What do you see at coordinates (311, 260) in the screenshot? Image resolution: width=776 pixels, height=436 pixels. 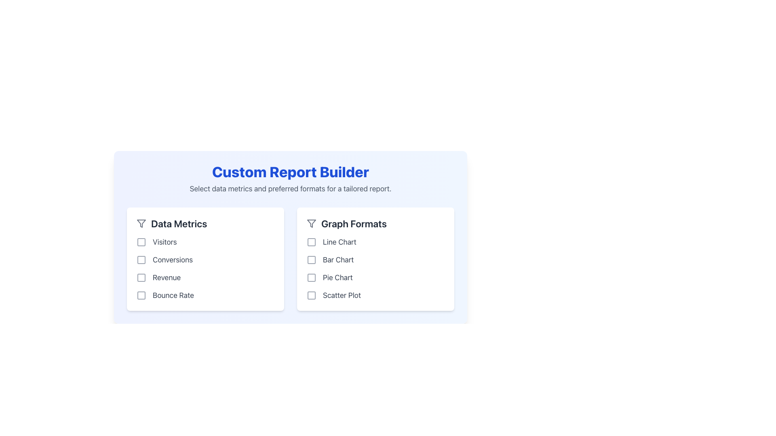 I see `the 'Bar Chart' checkbox within the 'Graph Formats' section` at bounding box center [311, 260].